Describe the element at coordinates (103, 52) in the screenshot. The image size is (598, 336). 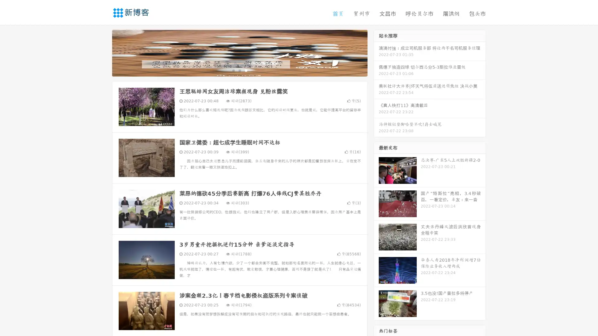
I see `Previous slide` at that location.